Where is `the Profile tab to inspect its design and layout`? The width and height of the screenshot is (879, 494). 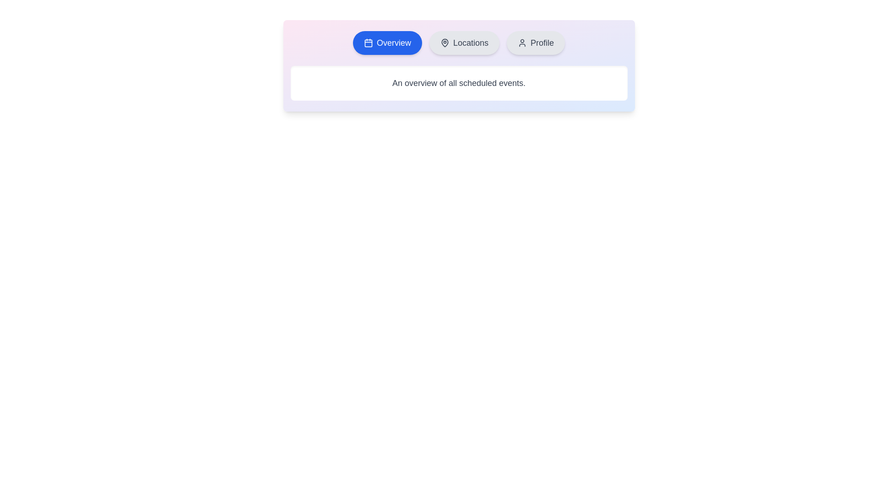
the Profile tab to inspect its design and layout is located at coordinates (536, 43).